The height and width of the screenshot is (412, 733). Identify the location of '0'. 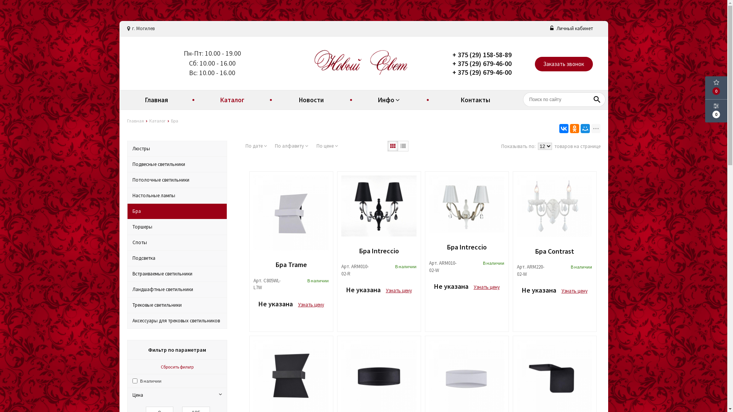
(705, 111).